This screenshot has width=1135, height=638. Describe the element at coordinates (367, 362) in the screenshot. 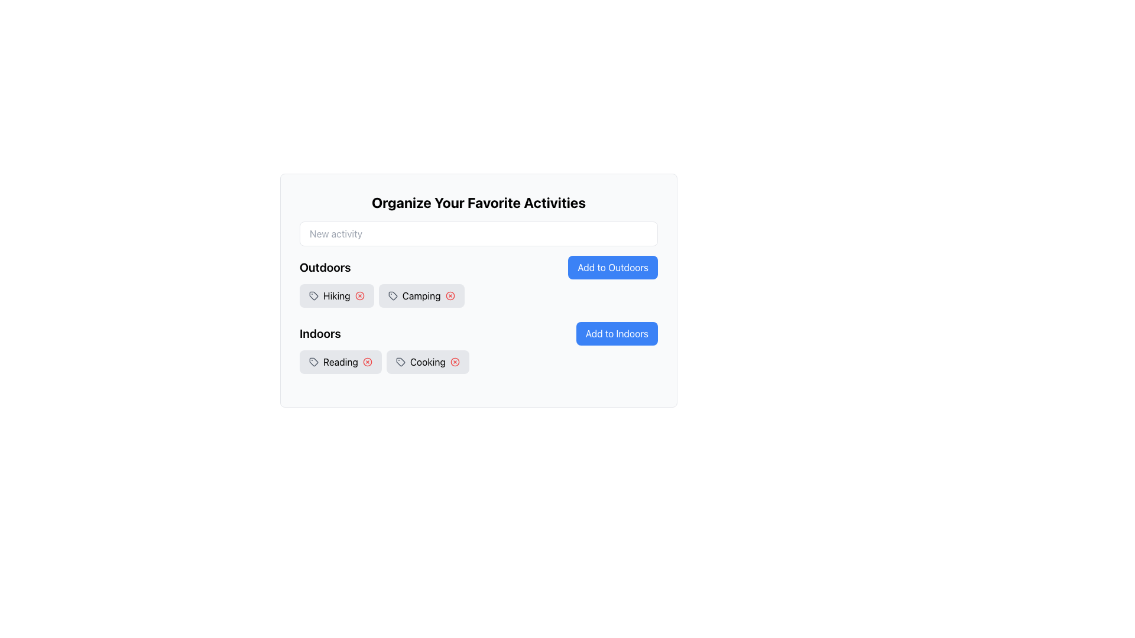

I see `the deletion button for the 'Reading' tag located in the 'Indoors' section` at that location.